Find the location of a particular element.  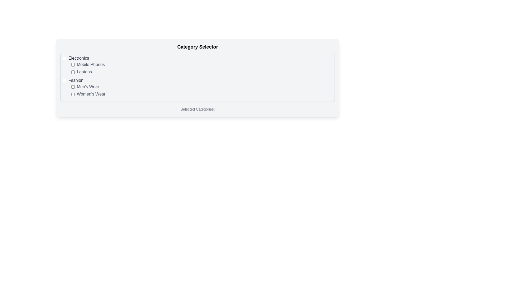

the 'Mobile Phones' label text, which is styled in gray and positioned to the right of its associated checkbox in the Electronics category, above the Laptops item is located at coordinates (91, 64).